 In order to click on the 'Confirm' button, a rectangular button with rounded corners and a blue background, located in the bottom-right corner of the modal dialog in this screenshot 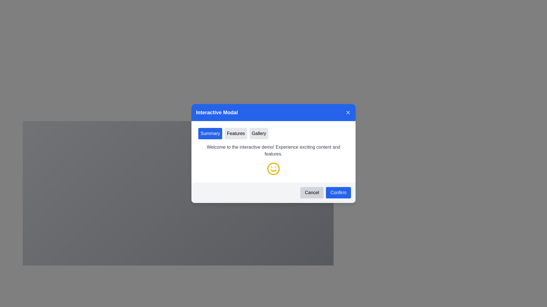, I will do `click(338, 192)`.